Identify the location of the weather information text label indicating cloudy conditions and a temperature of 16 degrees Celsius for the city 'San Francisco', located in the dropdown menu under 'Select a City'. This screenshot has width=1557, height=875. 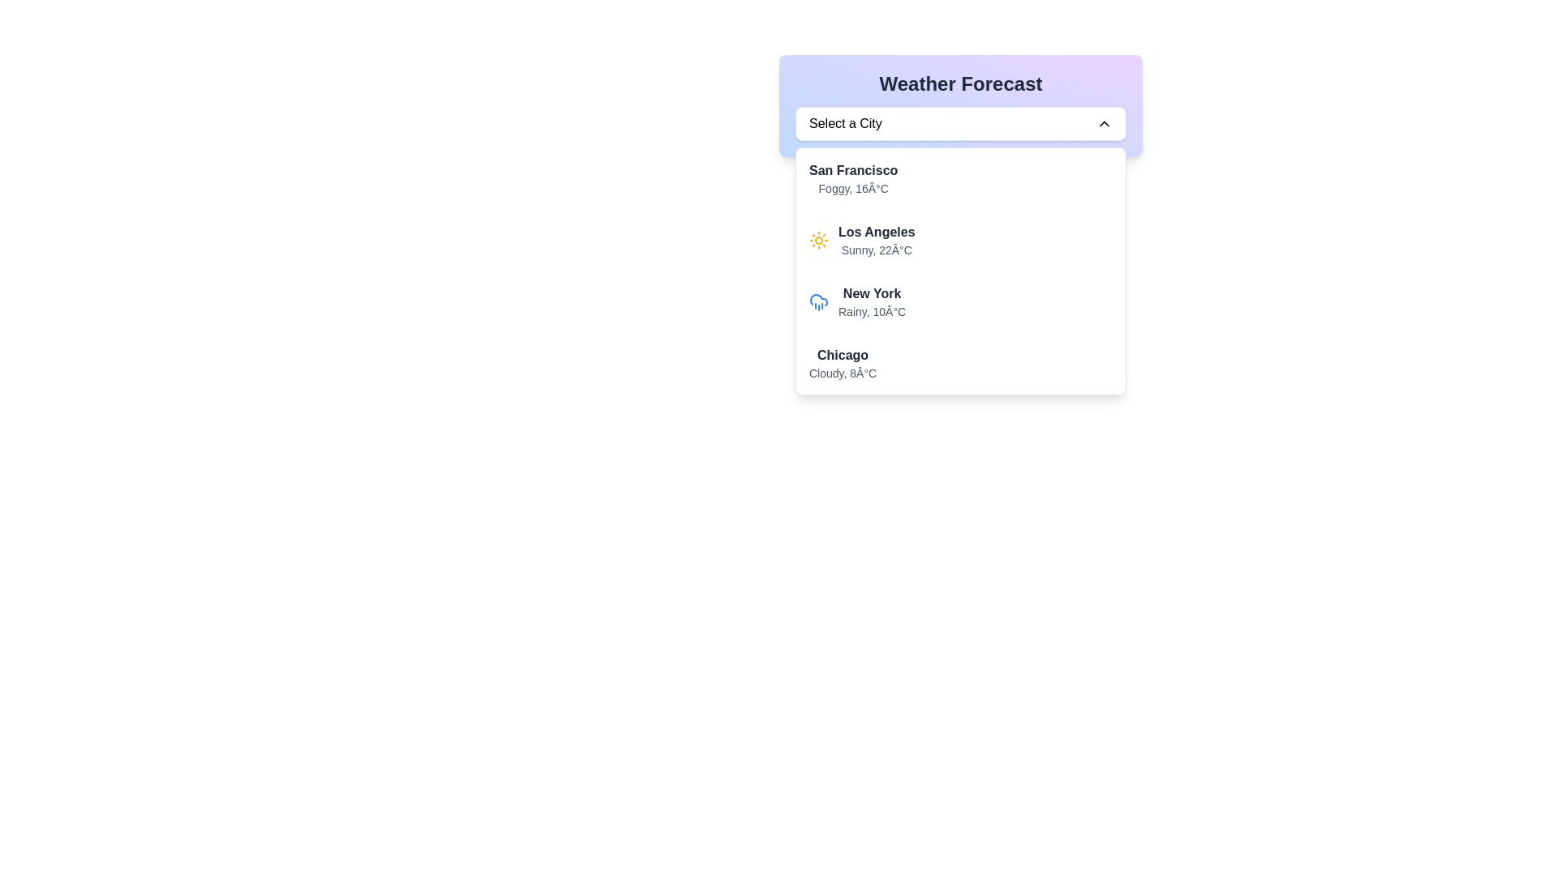
(852, 187).